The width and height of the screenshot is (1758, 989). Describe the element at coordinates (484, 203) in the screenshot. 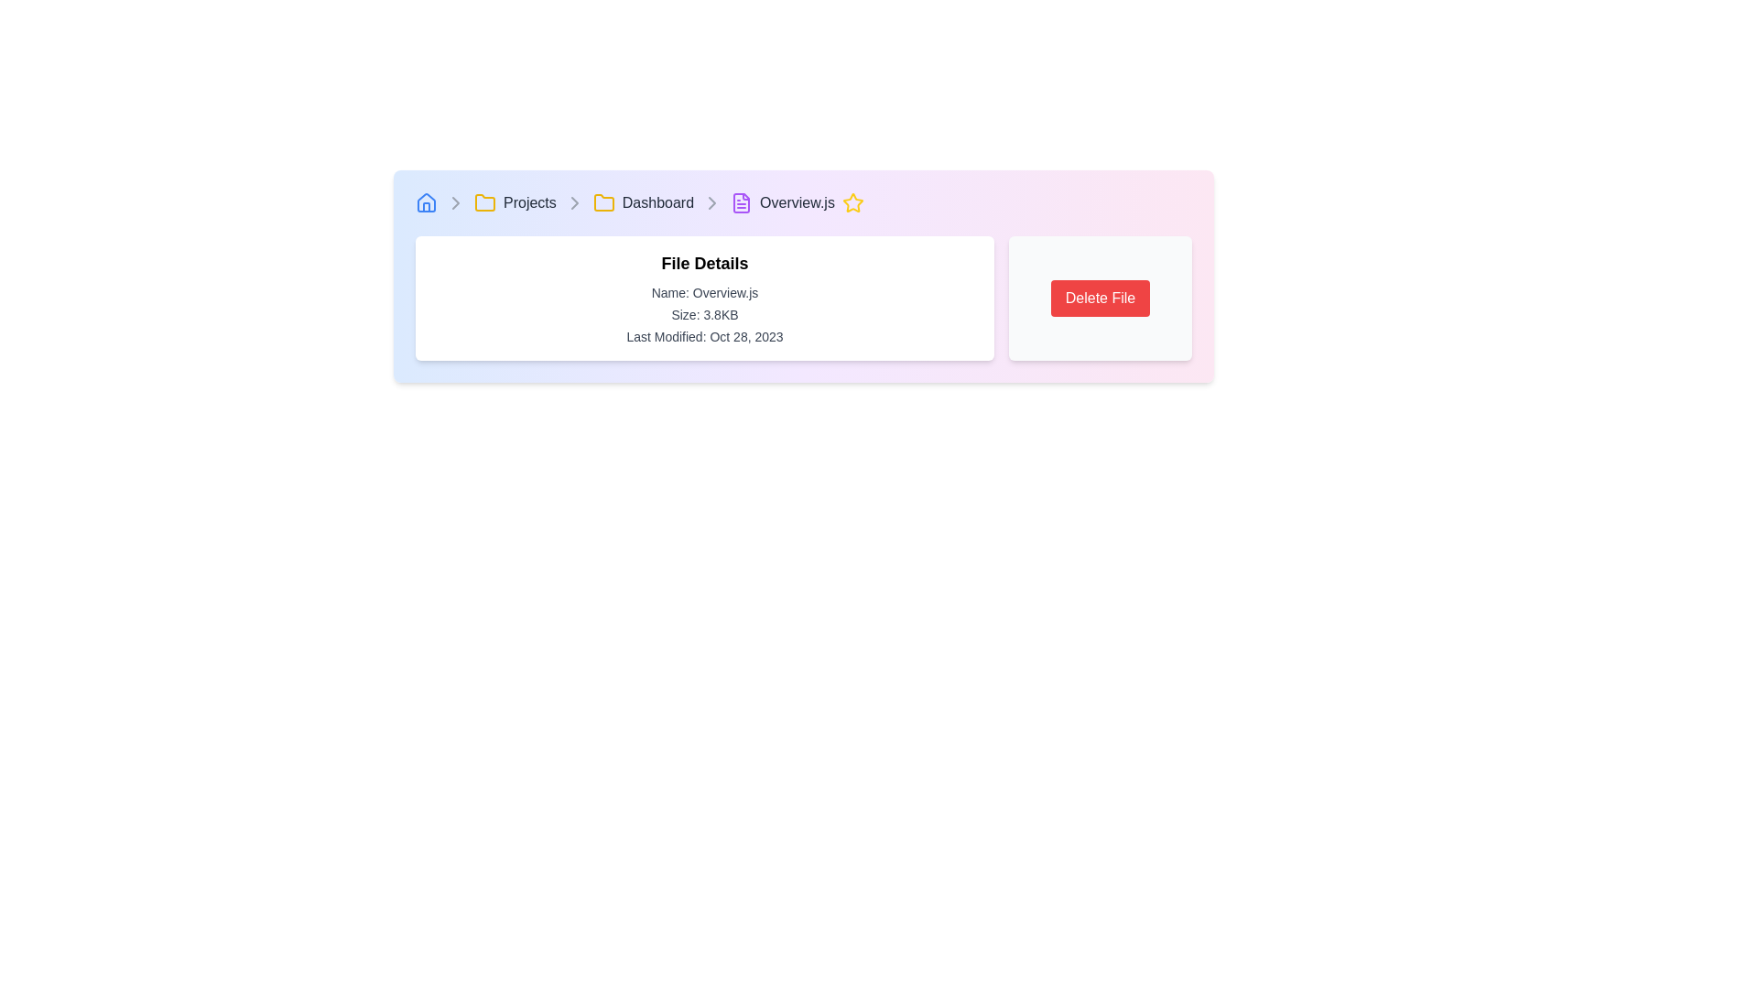

I see `the SVG icon representing a folder in the breadcrumb navigation, located between the chevron icon and the text 'Dashboard'` at that location.